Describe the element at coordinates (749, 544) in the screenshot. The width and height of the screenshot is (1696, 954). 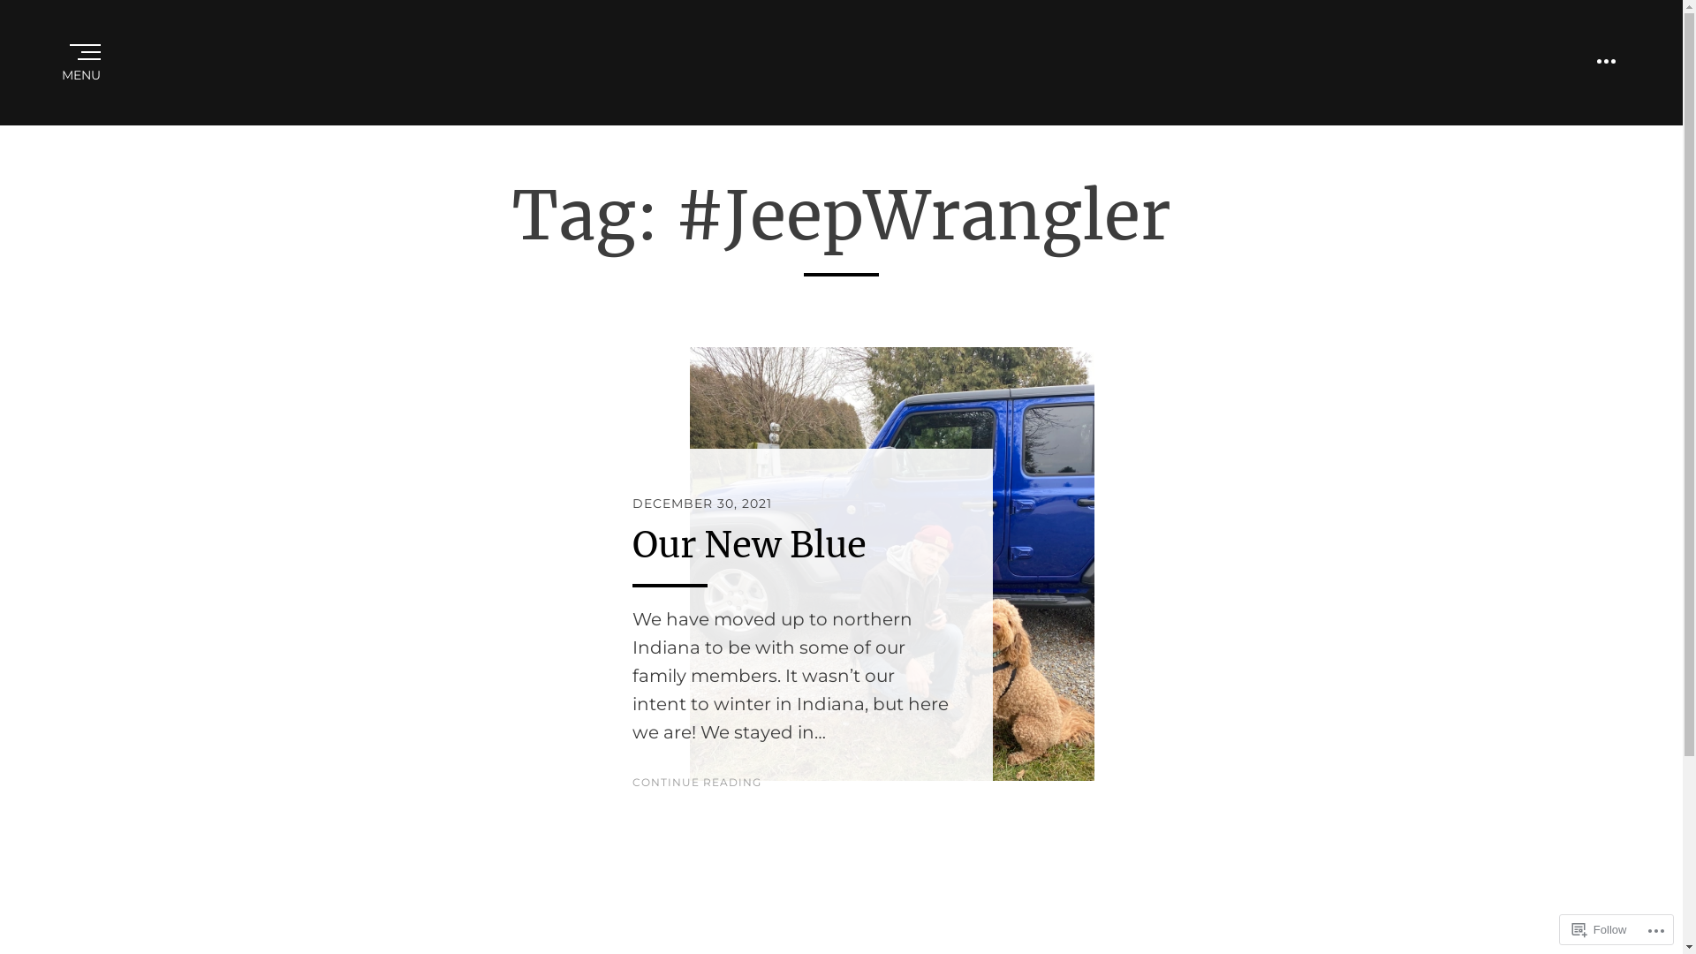
I see `'Our New Blue'` at that location.